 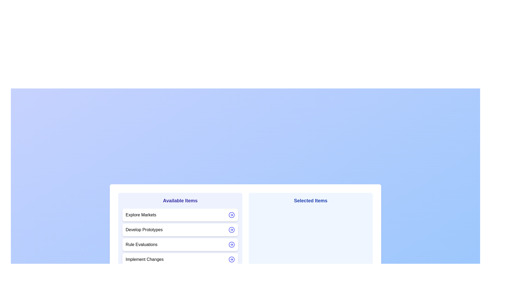 I want to click on the arrow icon next to the item Implement Changes to move it between the lists, so click(x=231, y=259).